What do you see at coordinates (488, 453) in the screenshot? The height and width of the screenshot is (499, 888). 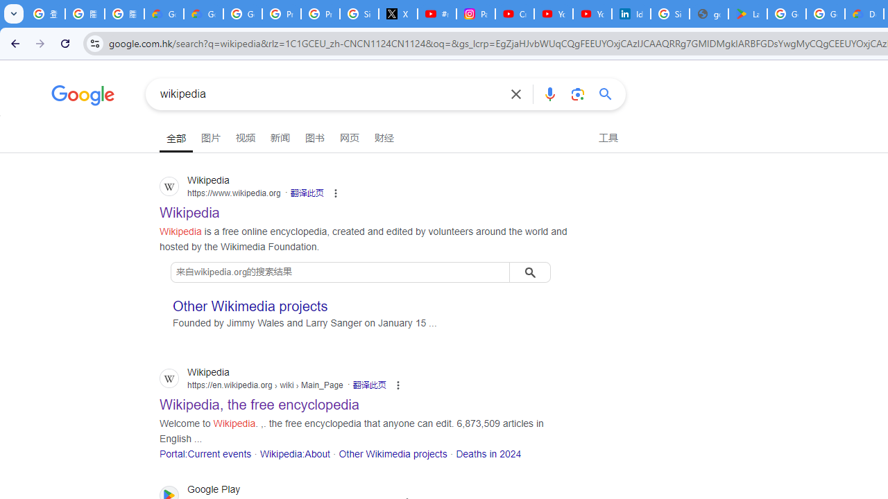 I see `'Deaths in 2024'` at bounding box center [488, 453].